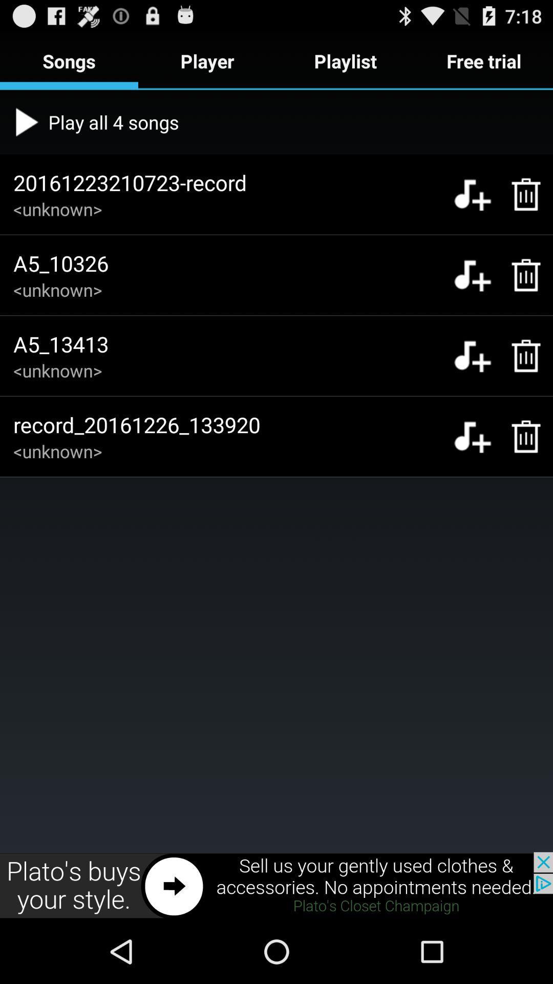  What do you see at coordinates (521, 275) in the screenshot?
I see `delete` at bounding box center [521, 275].